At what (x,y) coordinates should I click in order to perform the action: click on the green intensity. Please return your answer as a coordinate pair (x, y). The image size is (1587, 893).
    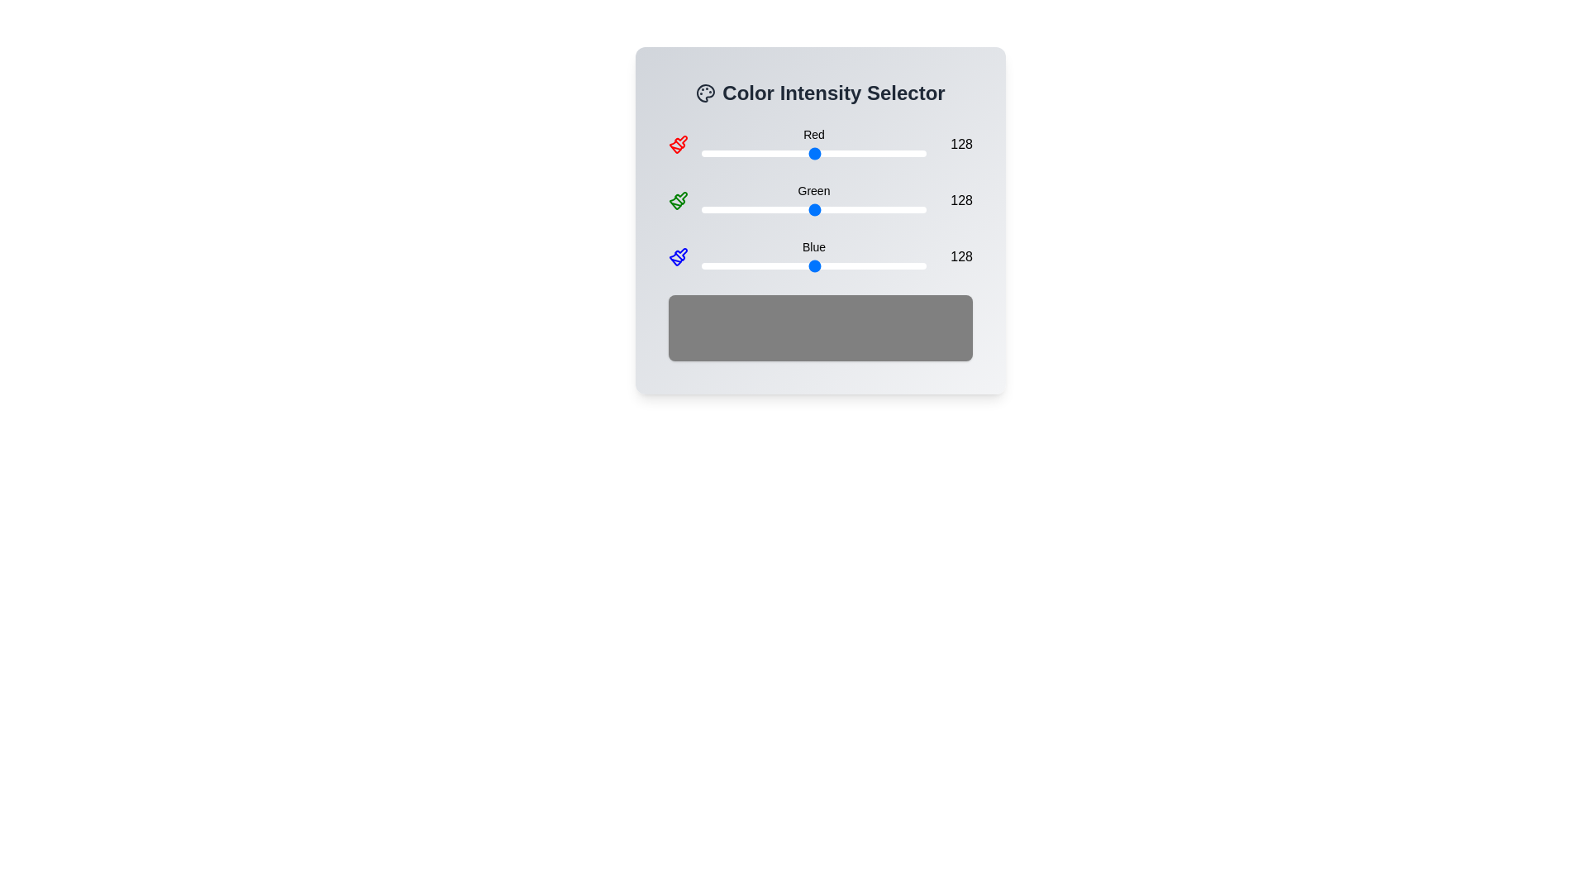
    Looking at the image, I should click on (705, 209).